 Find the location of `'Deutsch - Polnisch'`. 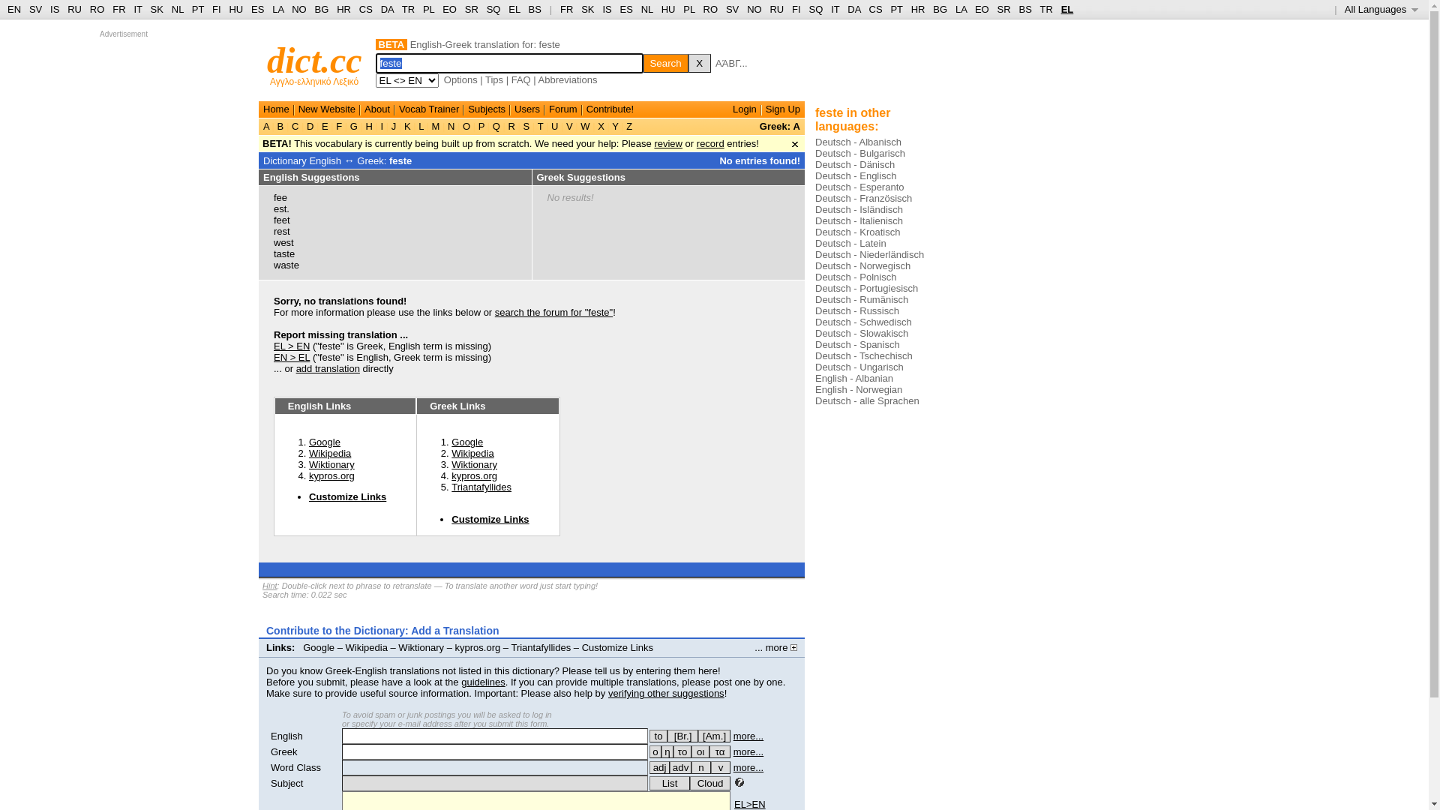

'Deutsch - Polnisch' is located at coordinates (856, 277).